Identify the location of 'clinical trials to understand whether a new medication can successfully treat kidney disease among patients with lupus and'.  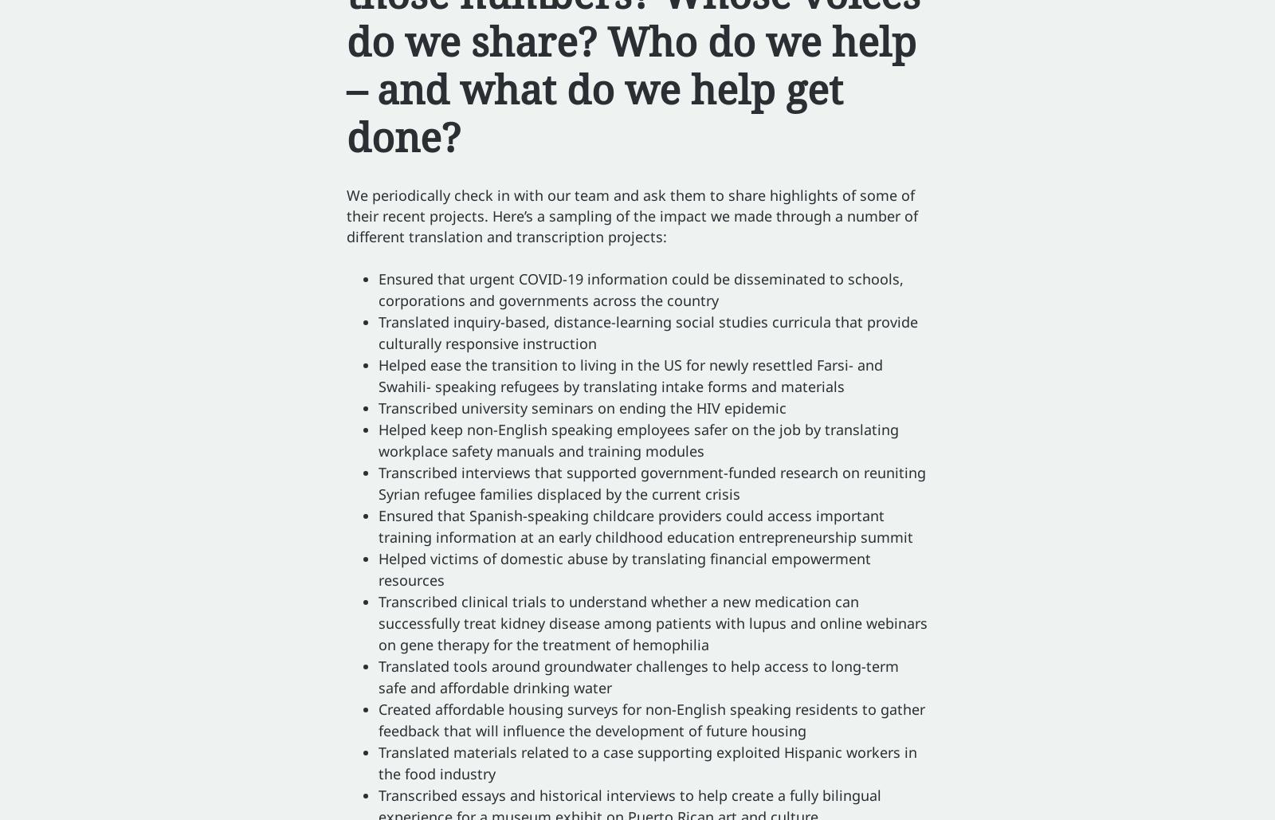
(378, 612).